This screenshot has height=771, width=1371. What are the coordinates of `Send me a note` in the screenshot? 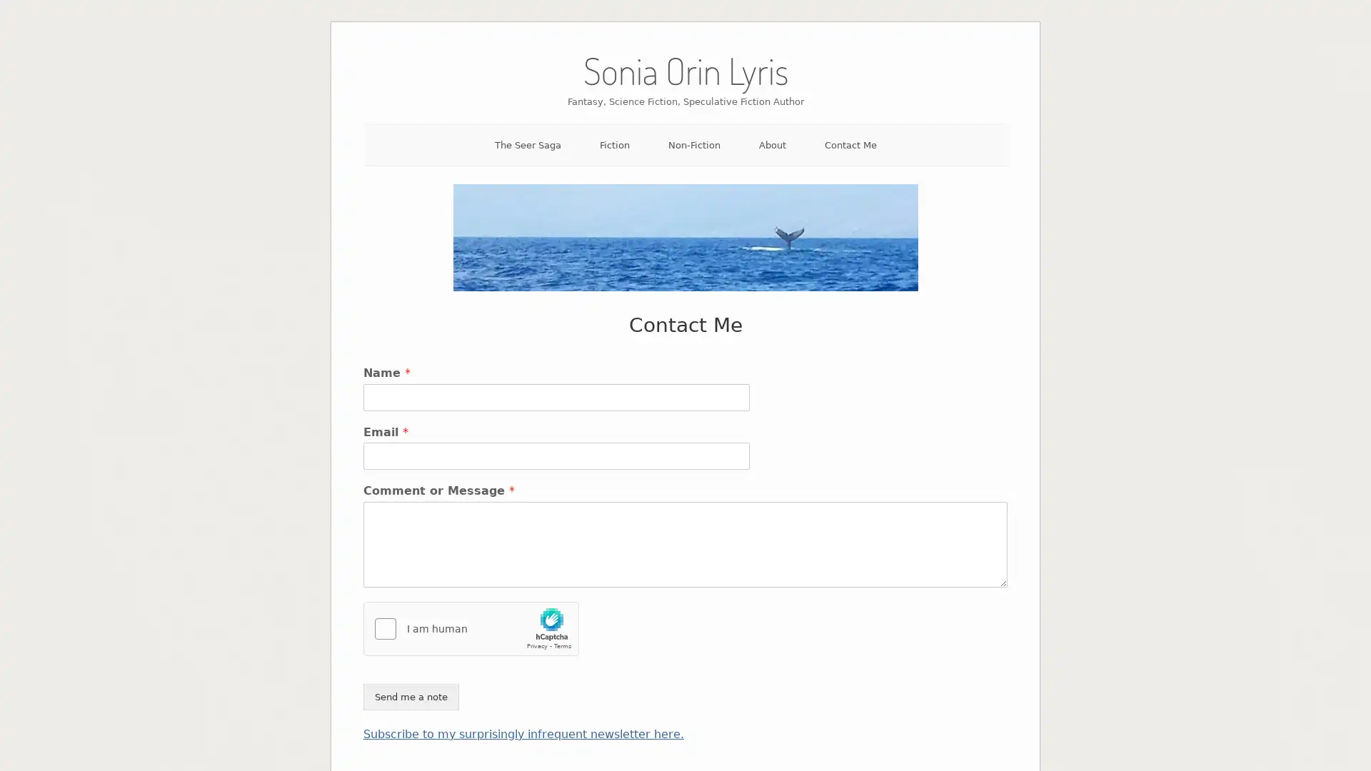 It's located at (410, 695).